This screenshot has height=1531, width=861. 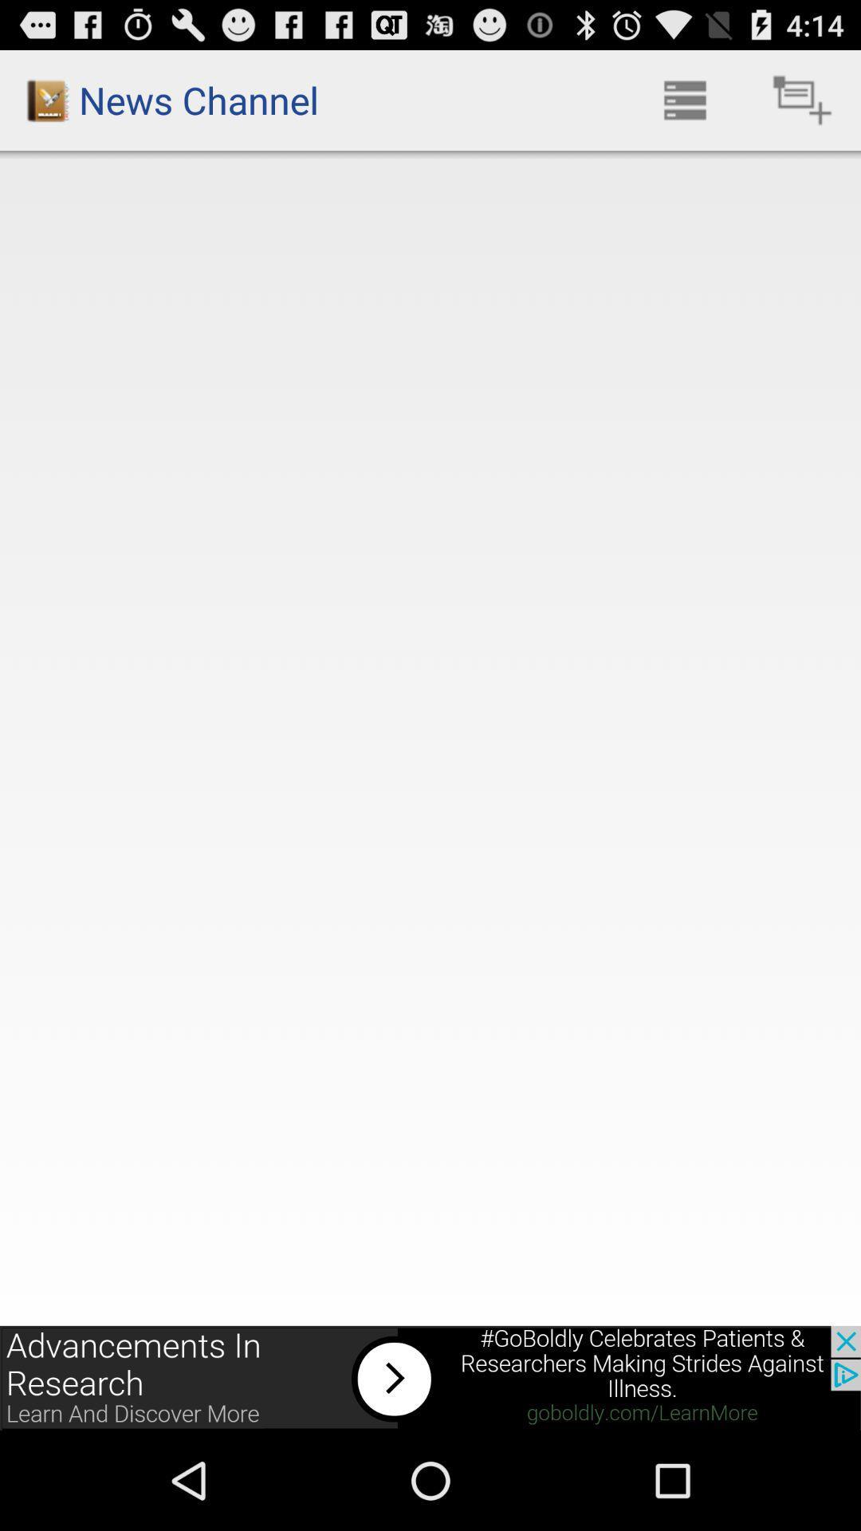 What do you see at coordinates (431, 1377) in the screenshot?
I see `advertisement banner` at bounding box center [431, 1377].